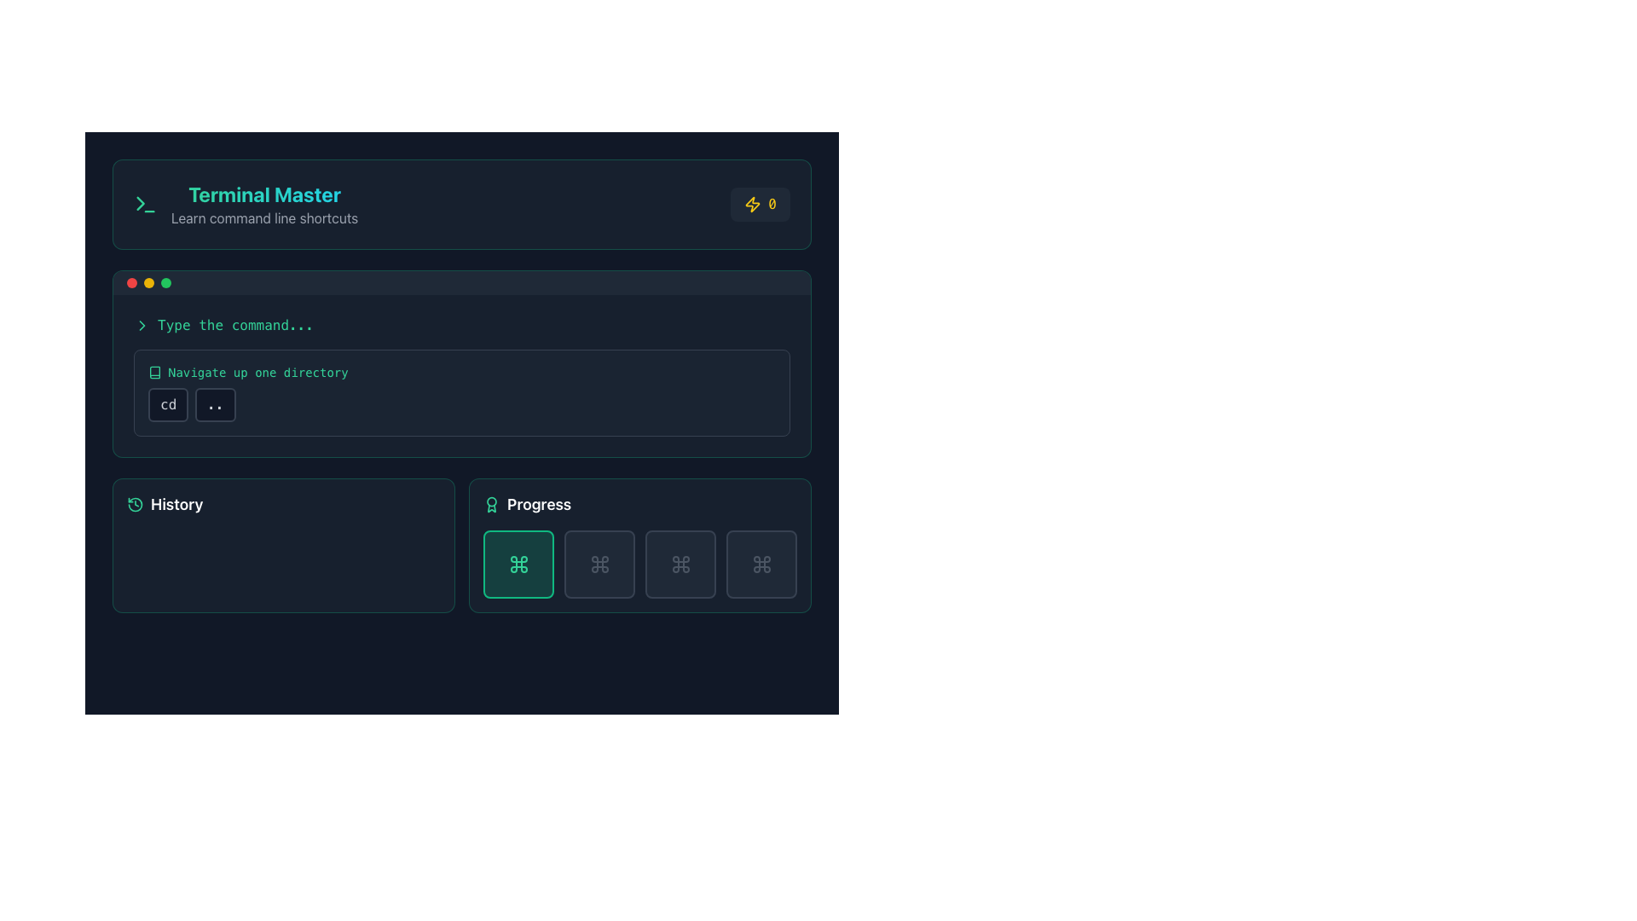 This screenshot has width=1637, height=921. Describe the element at coordinates (518, 565) in the screenshot. I see `the first button in the 'Progress' section, which is a control-related visual indicator located in the lower right area of the interface` at that location.